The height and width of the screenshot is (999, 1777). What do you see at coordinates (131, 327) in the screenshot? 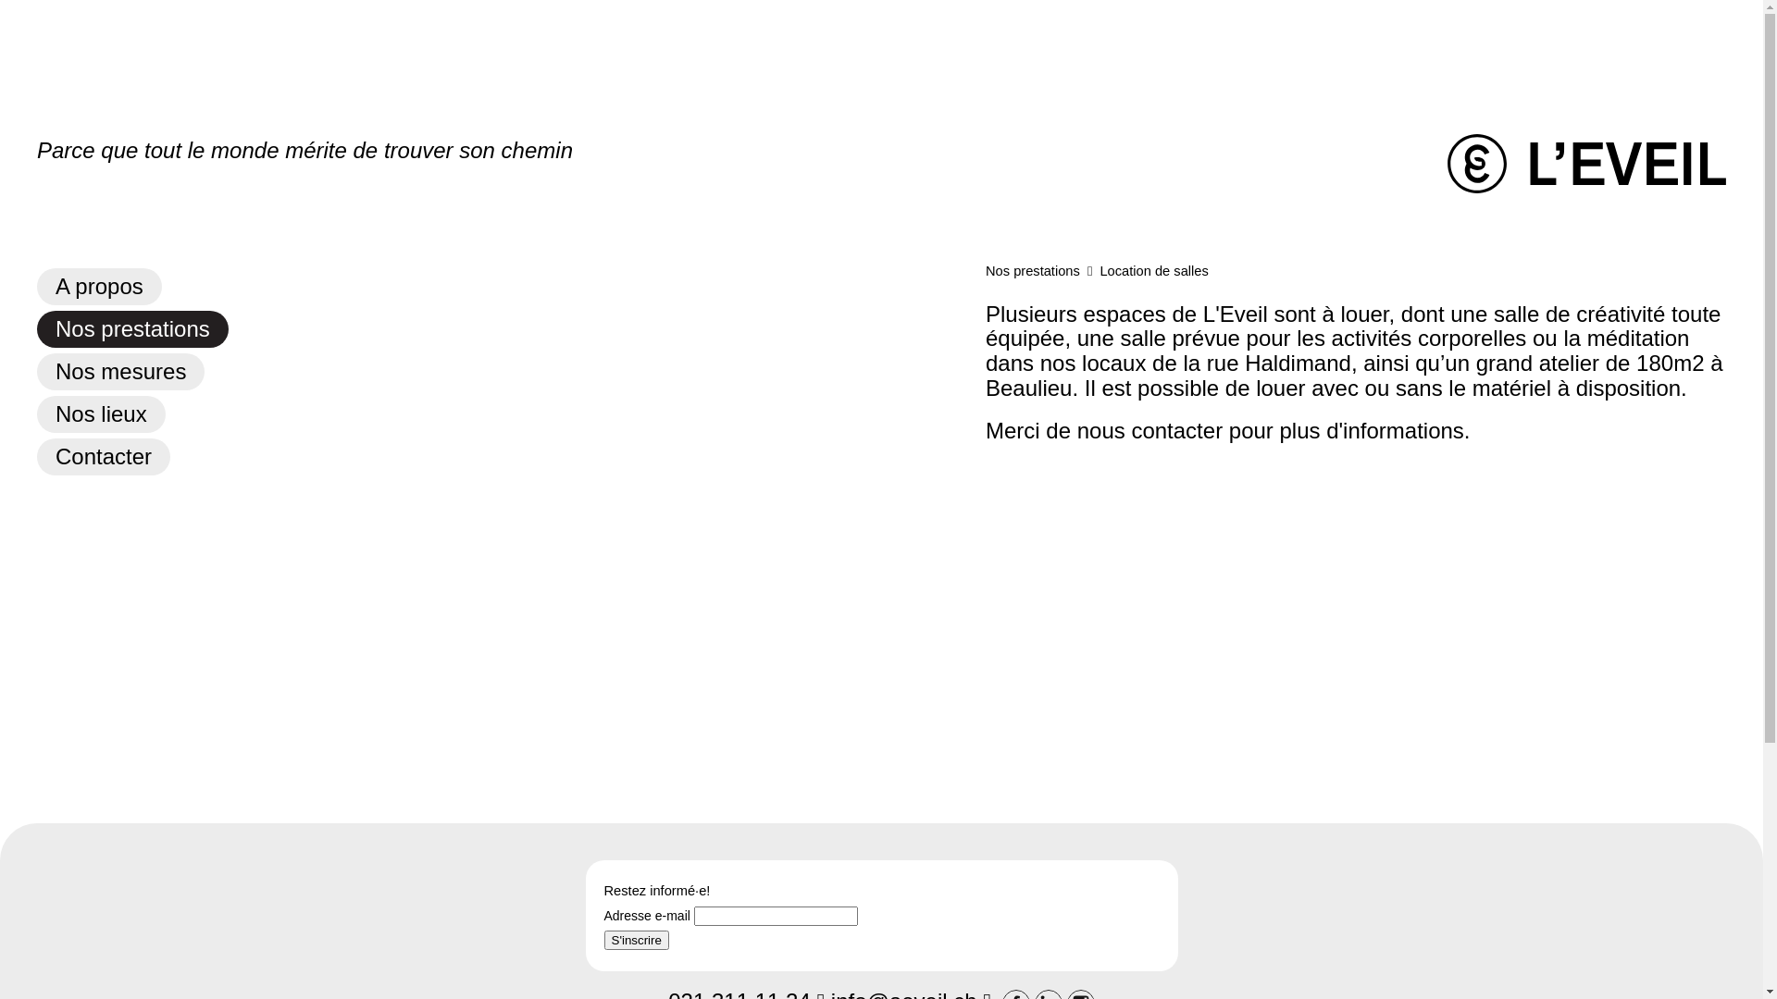
I see `'Nos prestations'` at bounding box center [131, 327].